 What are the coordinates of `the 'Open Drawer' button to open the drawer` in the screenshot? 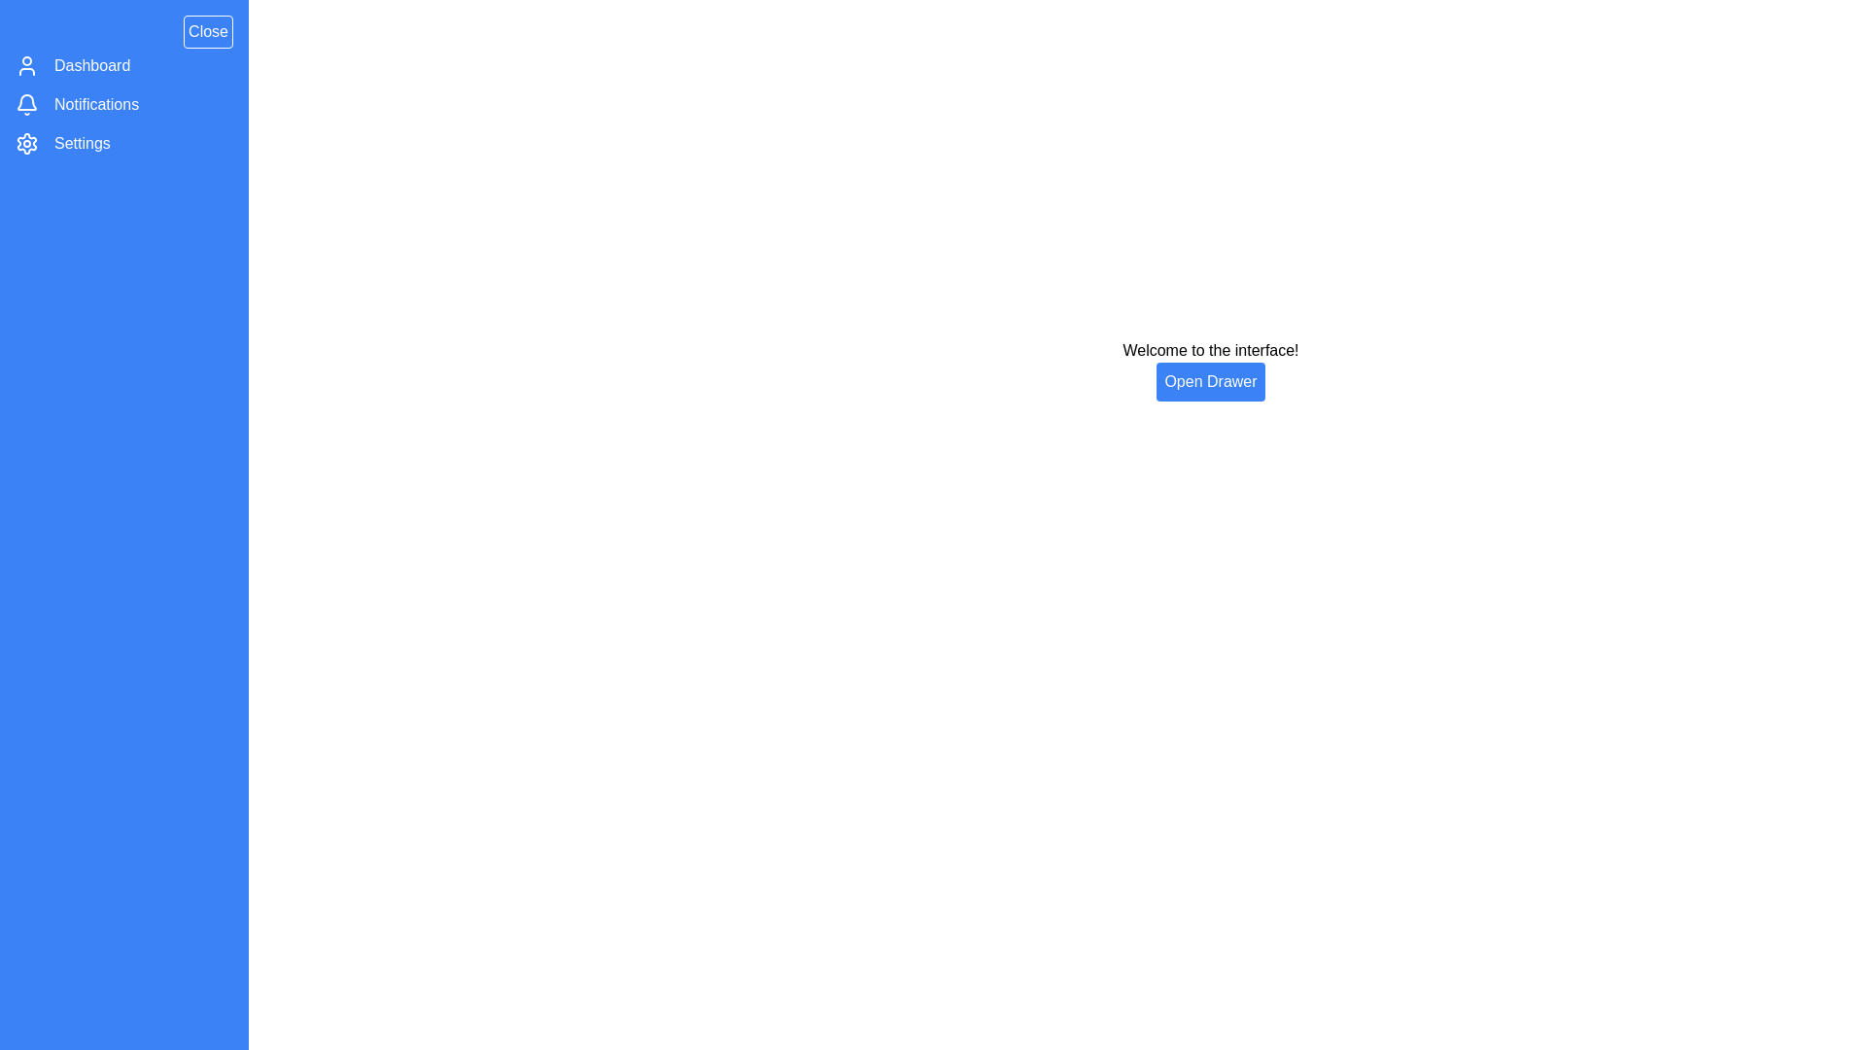 It's located at (1210, 382).